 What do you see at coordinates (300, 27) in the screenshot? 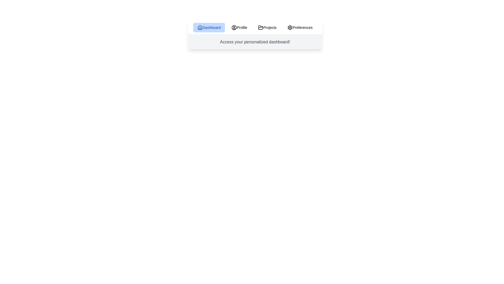
I see `the tab labeled Preferences to view its content` at bounding box center [300, 27].